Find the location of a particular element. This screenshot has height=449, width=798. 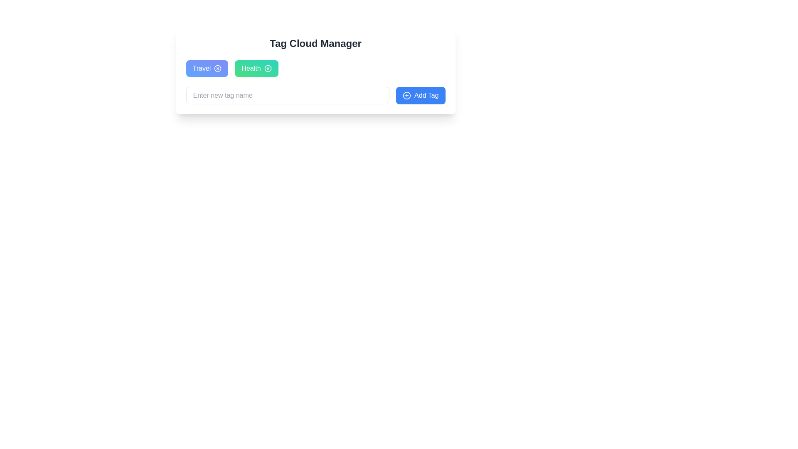

the icon button resembling a circle with a cross inside is located at coordinates (218, 68).